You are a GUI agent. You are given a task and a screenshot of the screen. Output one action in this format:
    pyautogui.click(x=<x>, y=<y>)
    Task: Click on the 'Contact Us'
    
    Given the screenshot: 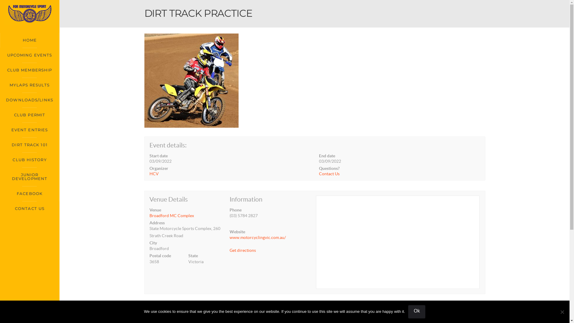 What is the action you would take?
    pyautogui.click(x=329, y=174)
    